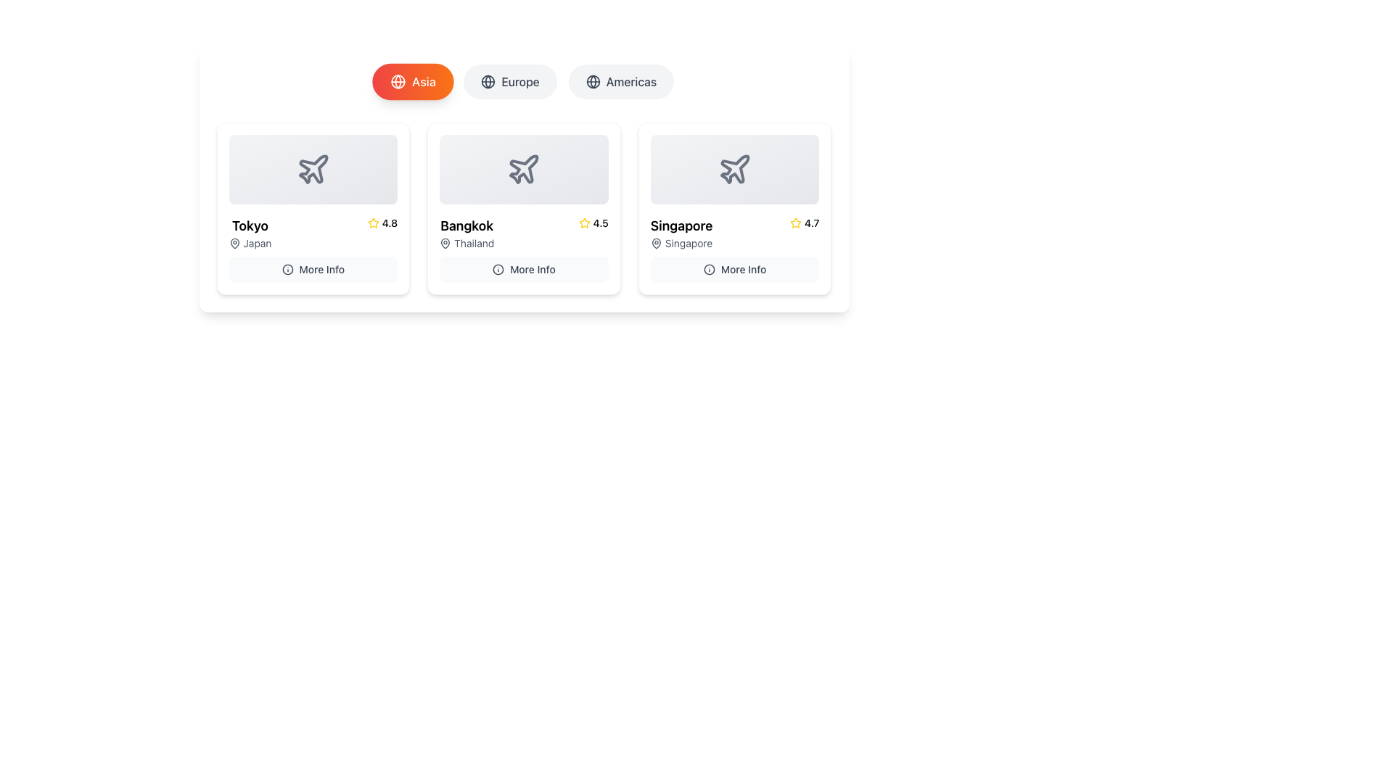 This screenshot has height=783, width=1393. I want to click on the travel icon located in the upper part of the Singapore card, which is the third card from the left in the row, so click(735, 168).